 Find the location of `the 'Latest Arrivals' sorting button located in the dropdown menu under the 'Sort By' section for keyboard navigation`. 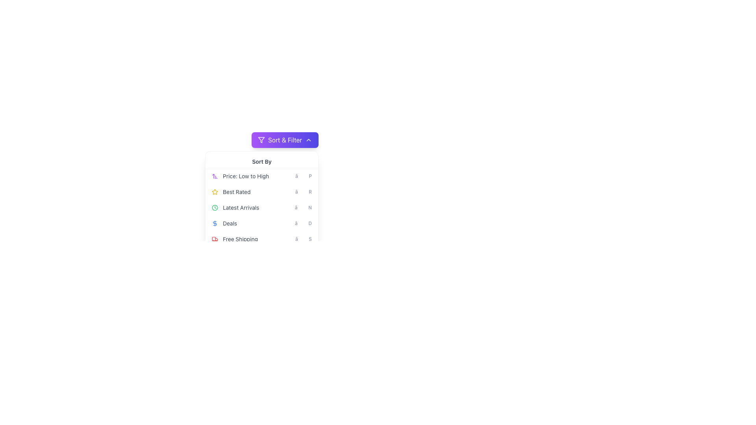

the 'Latest Arrivals' sorting button located in the dropdown menu under the 'Sort By' section for keyboard navigation is located at coordinates (262, 207).